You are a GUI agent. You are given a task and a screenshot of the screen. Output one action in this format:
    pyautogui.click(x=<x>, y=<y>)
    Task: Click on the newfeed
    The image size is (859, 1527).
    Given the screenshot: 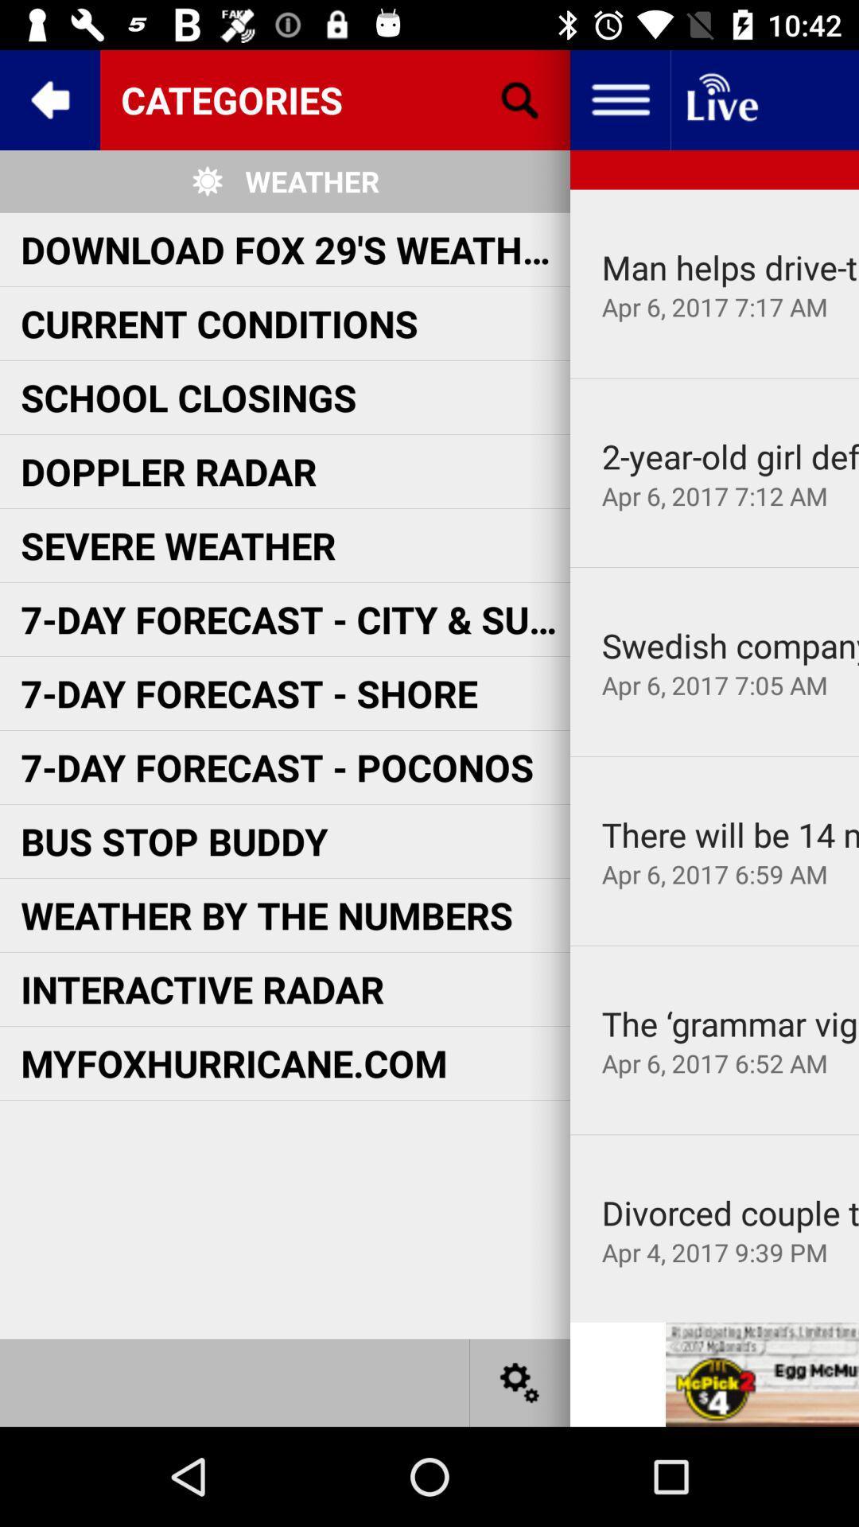 What is the action you would take?
    pyautogui.click(x=721, y=99)
    